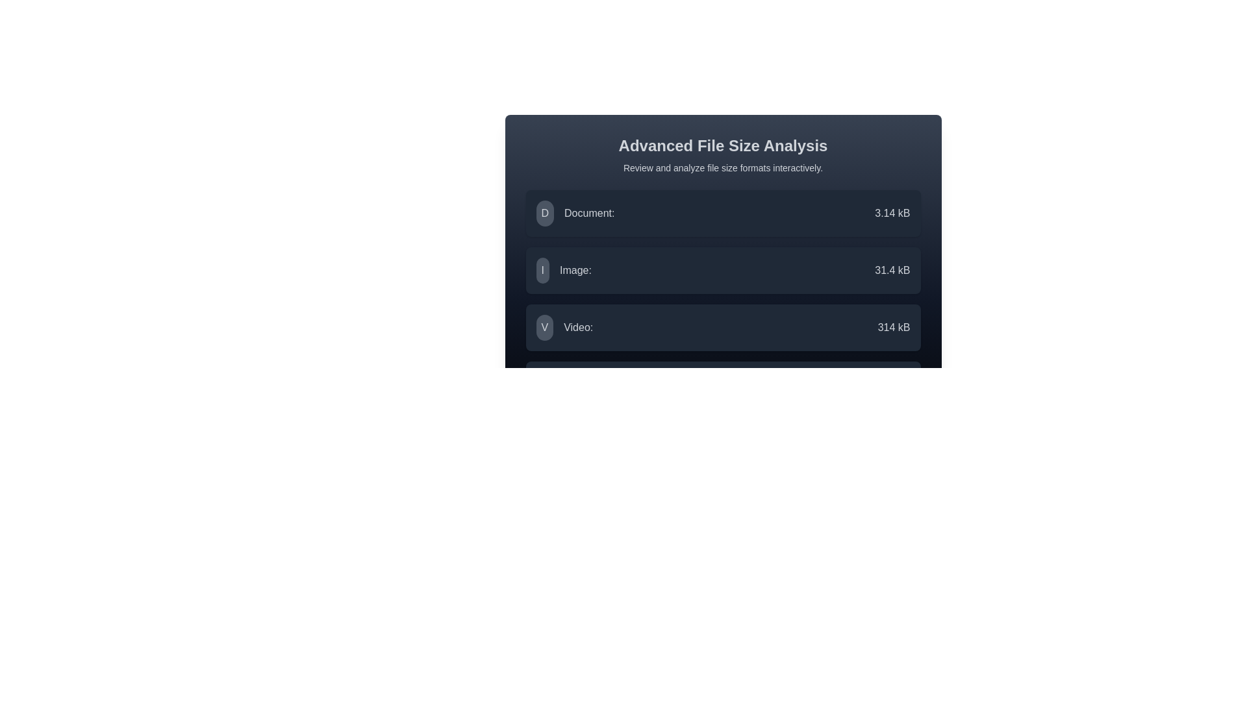 Image resolution: width=1247 pixels, height=701 pixels. I want to click on the first badge icon representing the 'Document' category located to the left of the text label 'Document:', so click(545, 212).